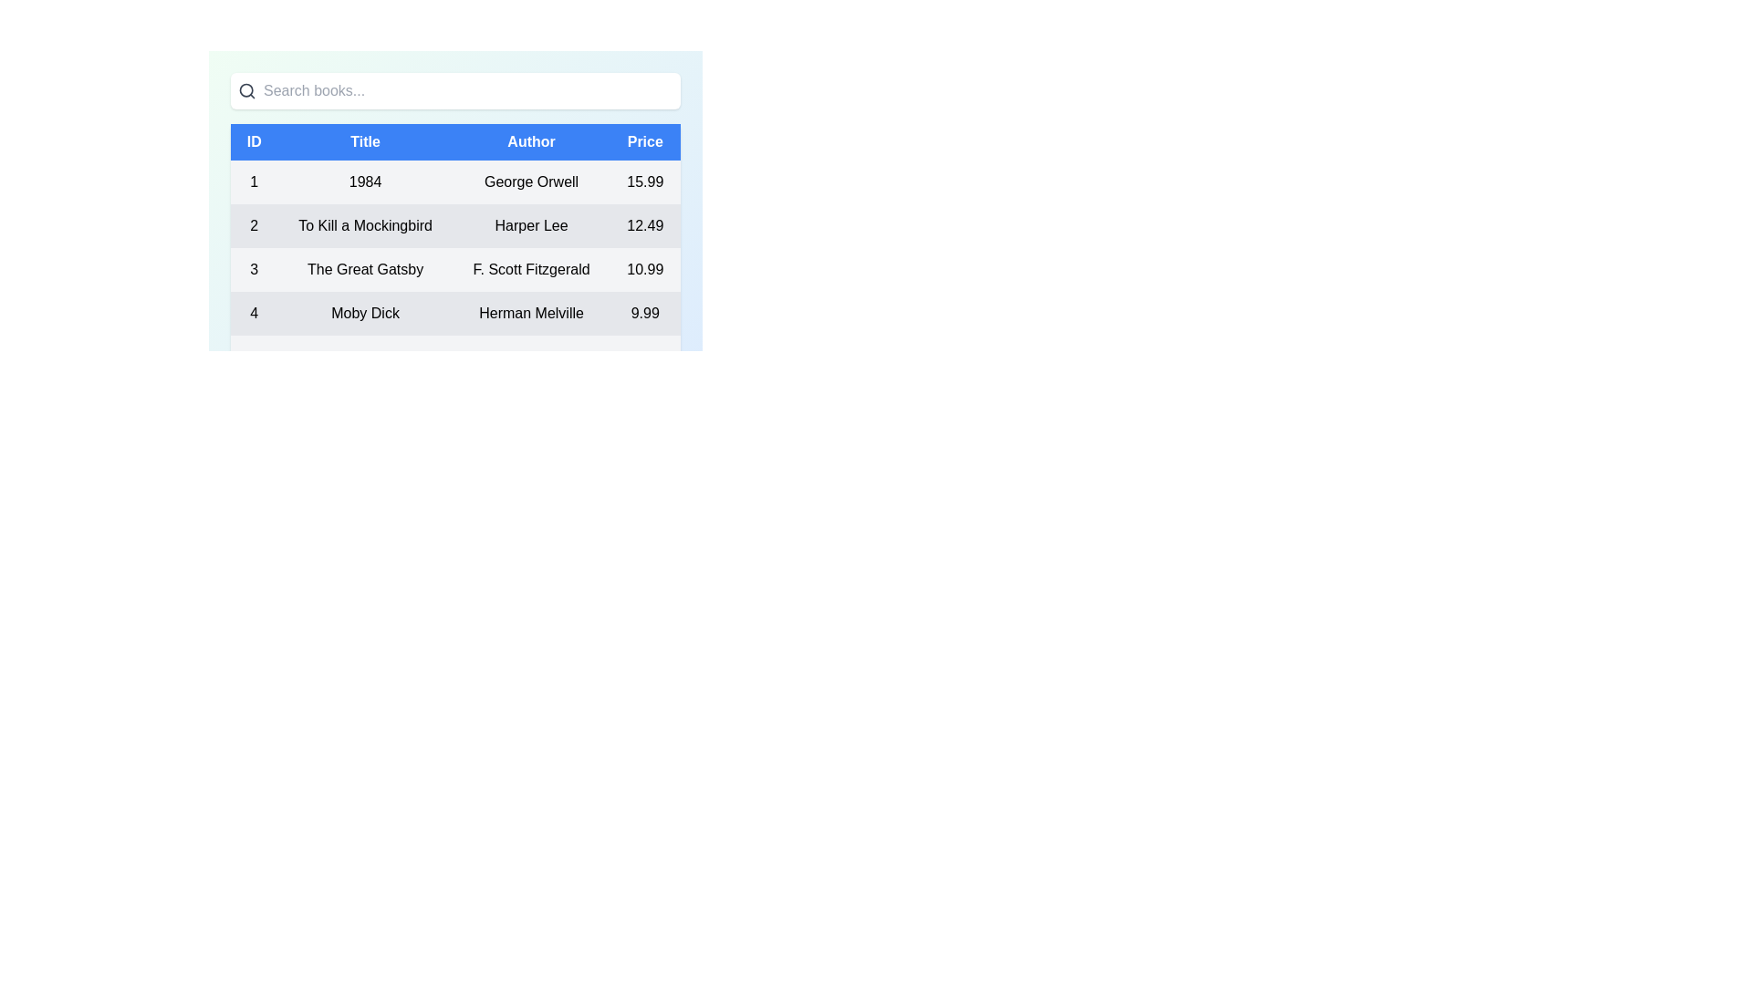  I want to click on the text label displaying the price for the book 'The Great Gatsby' located in the third row of the table under the 'Price' column, so click(645, 270).